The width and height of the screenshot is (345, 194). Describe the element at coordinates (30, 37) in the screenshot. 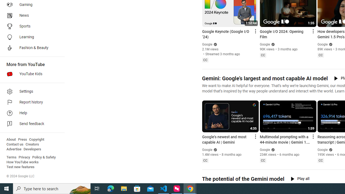

I see `'Learning'` at that location.